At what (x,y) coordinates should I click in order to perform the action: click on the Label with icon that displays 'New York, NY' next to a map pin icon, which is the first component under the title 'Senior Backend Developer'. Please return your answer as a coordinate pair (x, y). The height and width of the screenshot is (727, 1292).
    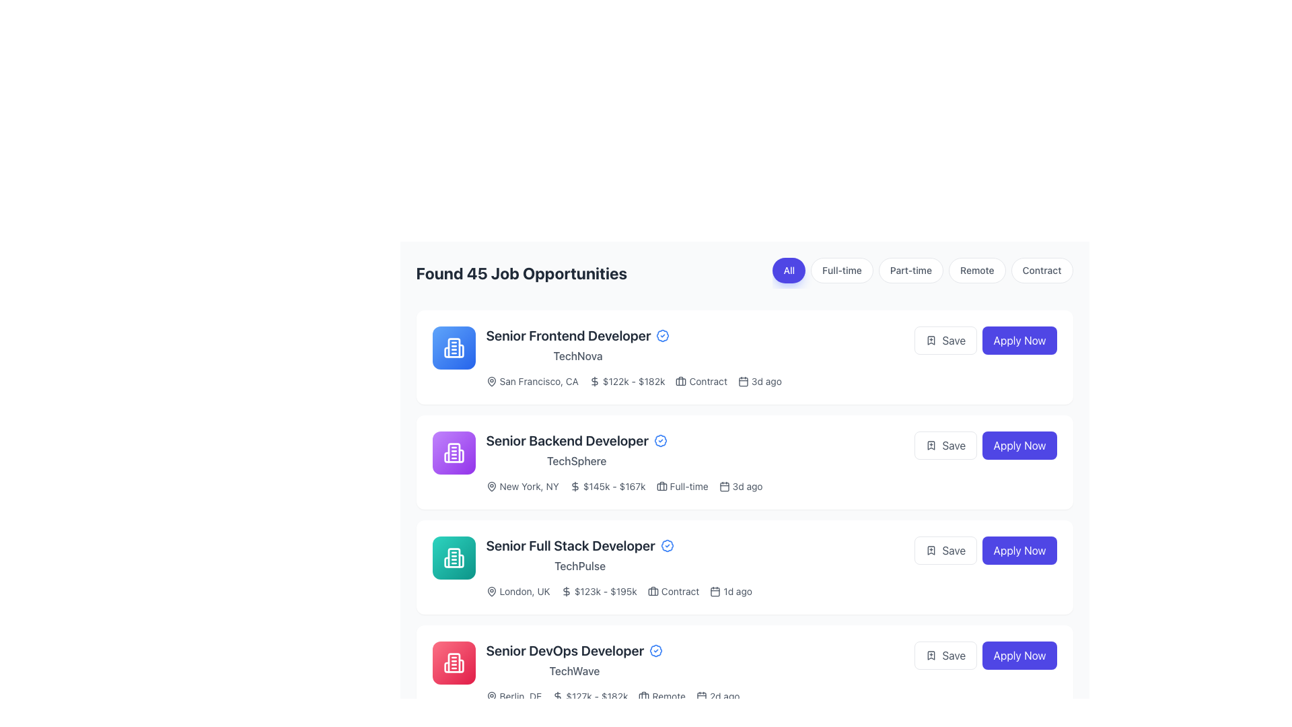
    Looking at the image, I should click on (522, 486).